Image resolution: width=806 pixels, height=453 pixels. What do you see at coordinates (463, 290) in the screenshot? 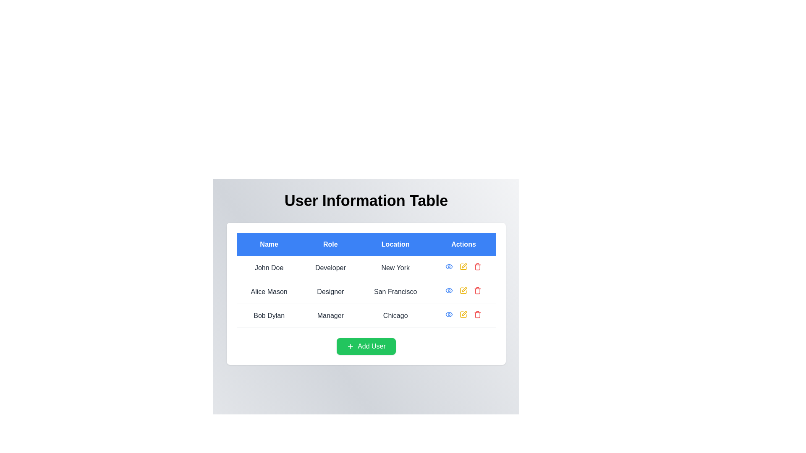
I see `the edit button in the actions column of the second row in the data table, positioned between the blue 'view' icon and the red 'delete' icon` at bounding box center [463, 290].